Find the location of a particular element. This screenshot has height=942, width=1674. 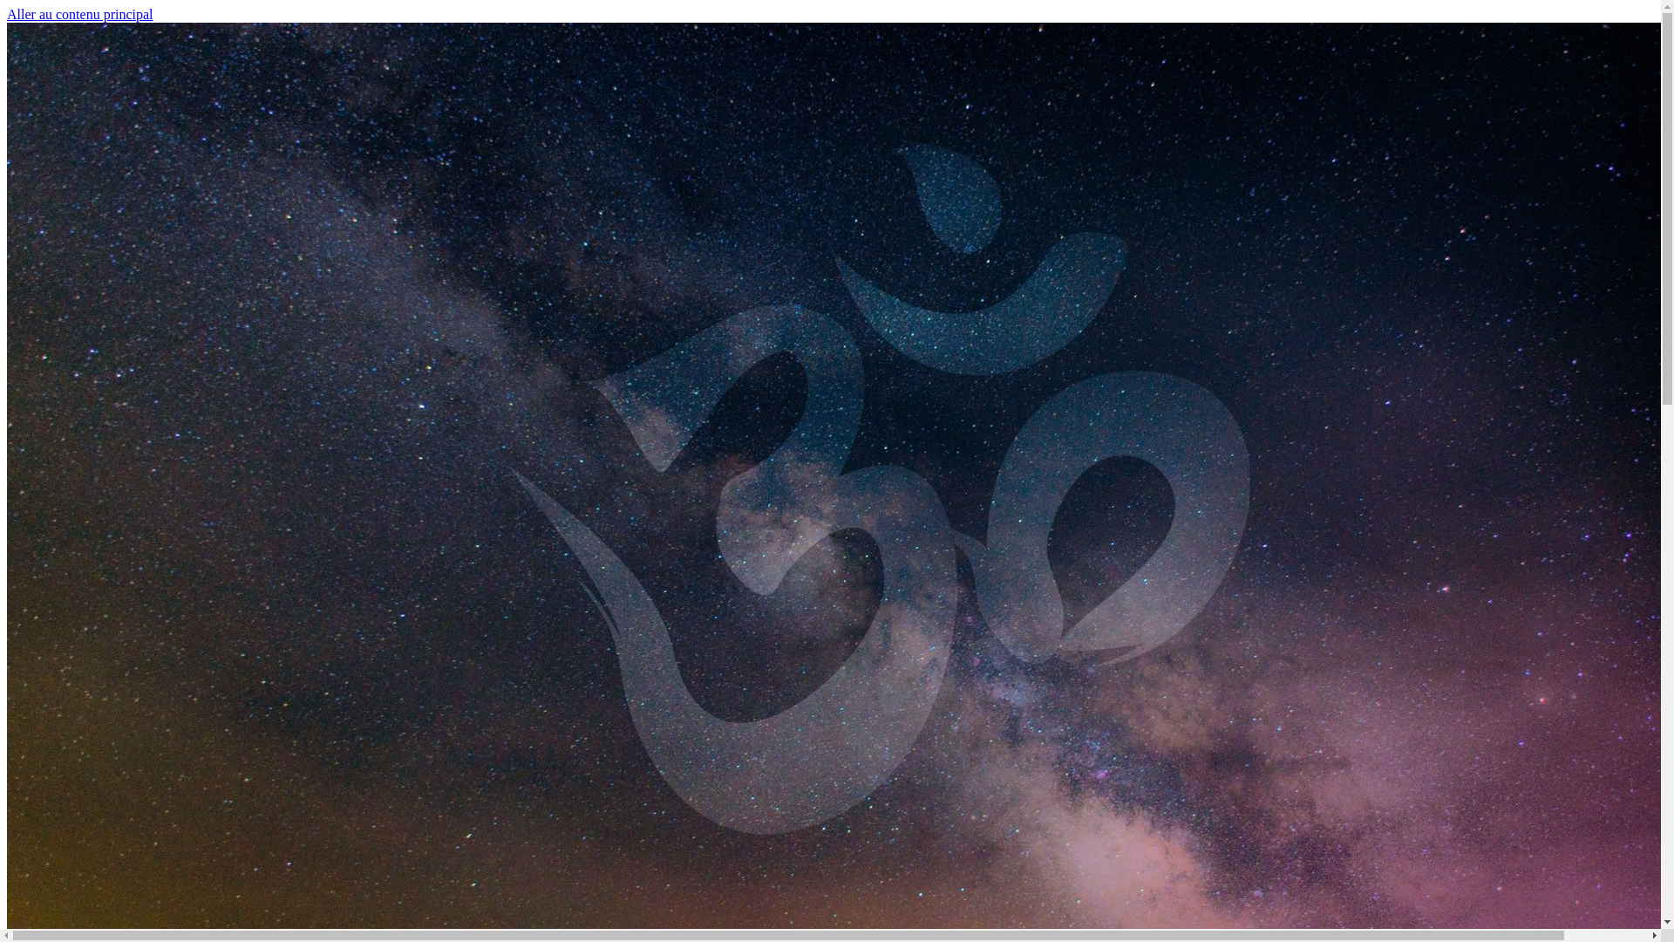

'Aller au contenu principal' is located at coordinates (78, 14).